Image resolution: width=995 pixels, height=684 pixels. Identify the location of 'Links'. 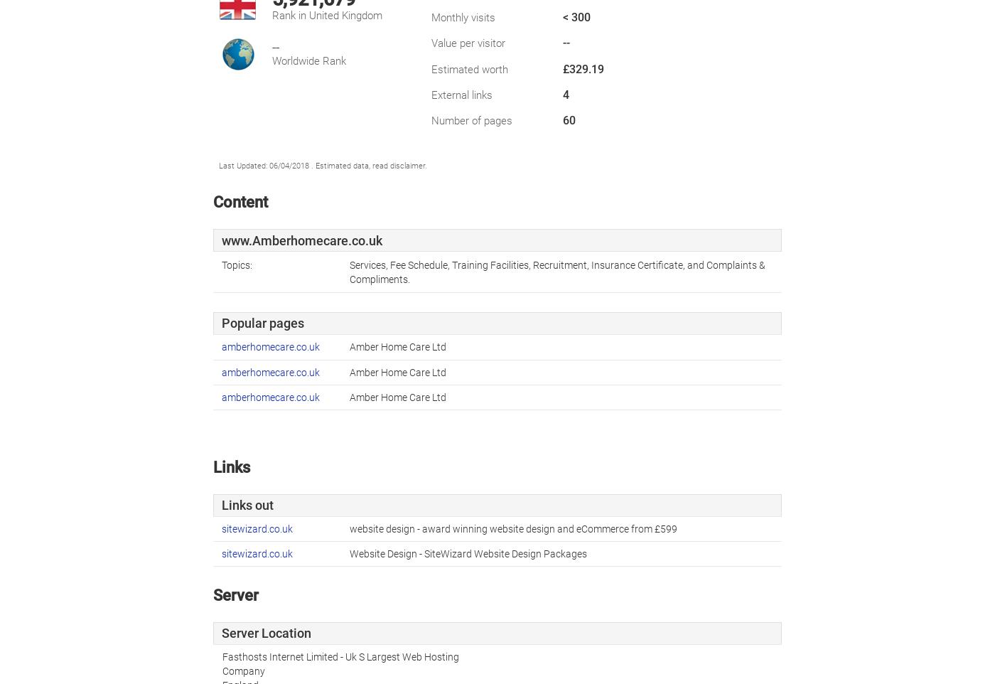
(232, 467).